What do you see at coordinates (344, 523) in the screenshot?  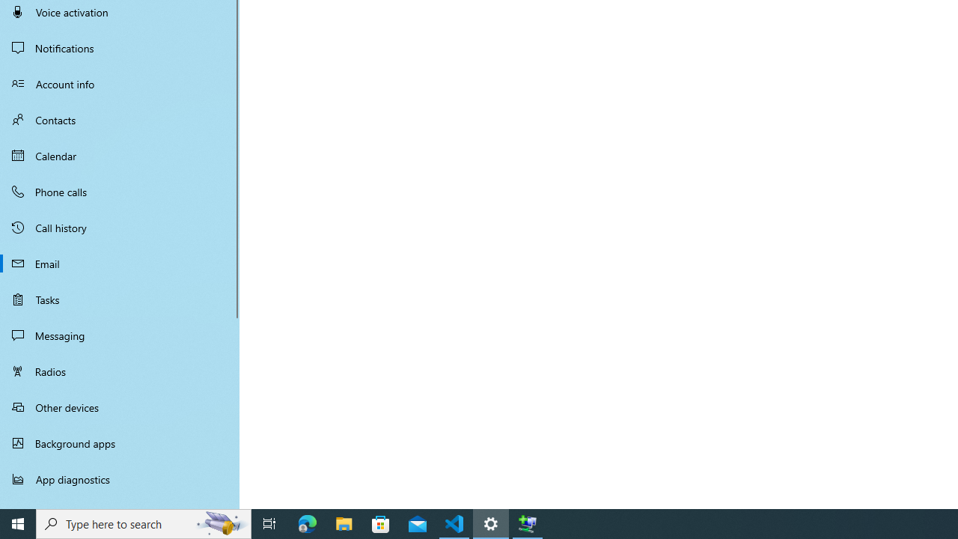 I see `'File Explorer'` at bounding box center [344, 523].